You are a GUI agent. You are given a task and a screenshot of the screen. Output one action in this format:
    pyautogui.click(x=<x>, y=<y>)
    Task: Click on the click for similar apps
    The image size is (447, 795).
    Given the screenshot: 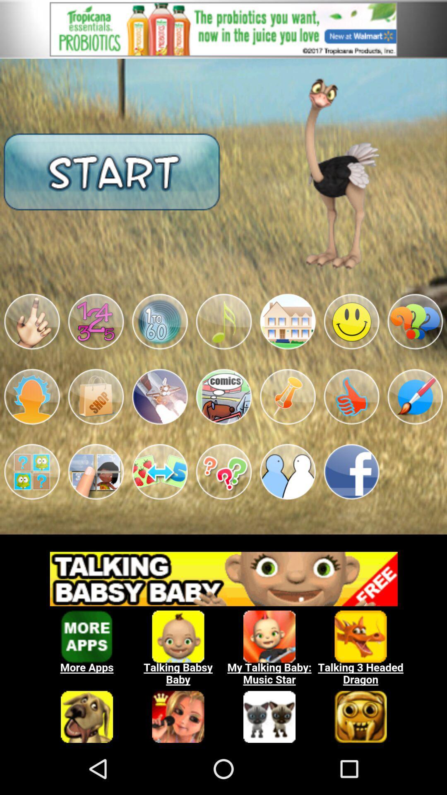 What is the action you would take?
    pyautogui.click(x=223, y=642)
    